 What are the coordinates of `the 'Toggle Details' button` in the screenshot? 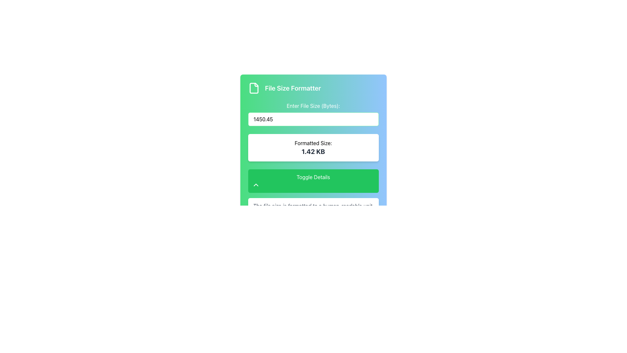 It's located at (255, 185).